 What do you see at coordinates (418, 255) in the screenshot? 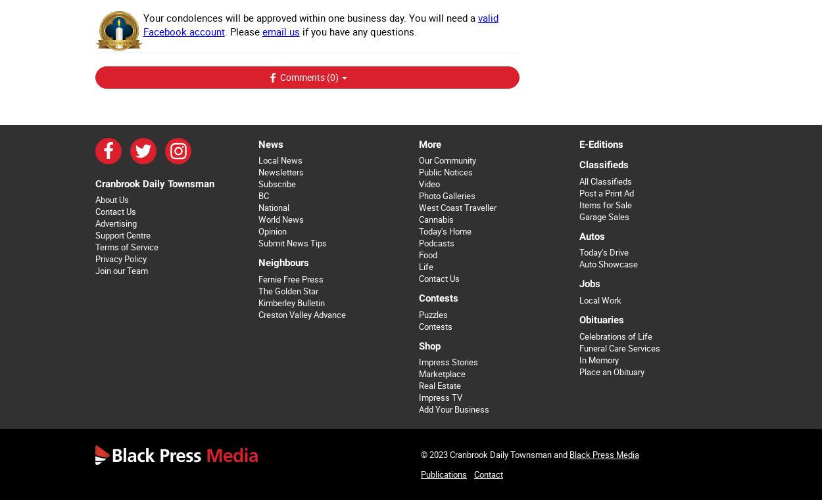
I see `'Food'` at bounding box center [418, 255].